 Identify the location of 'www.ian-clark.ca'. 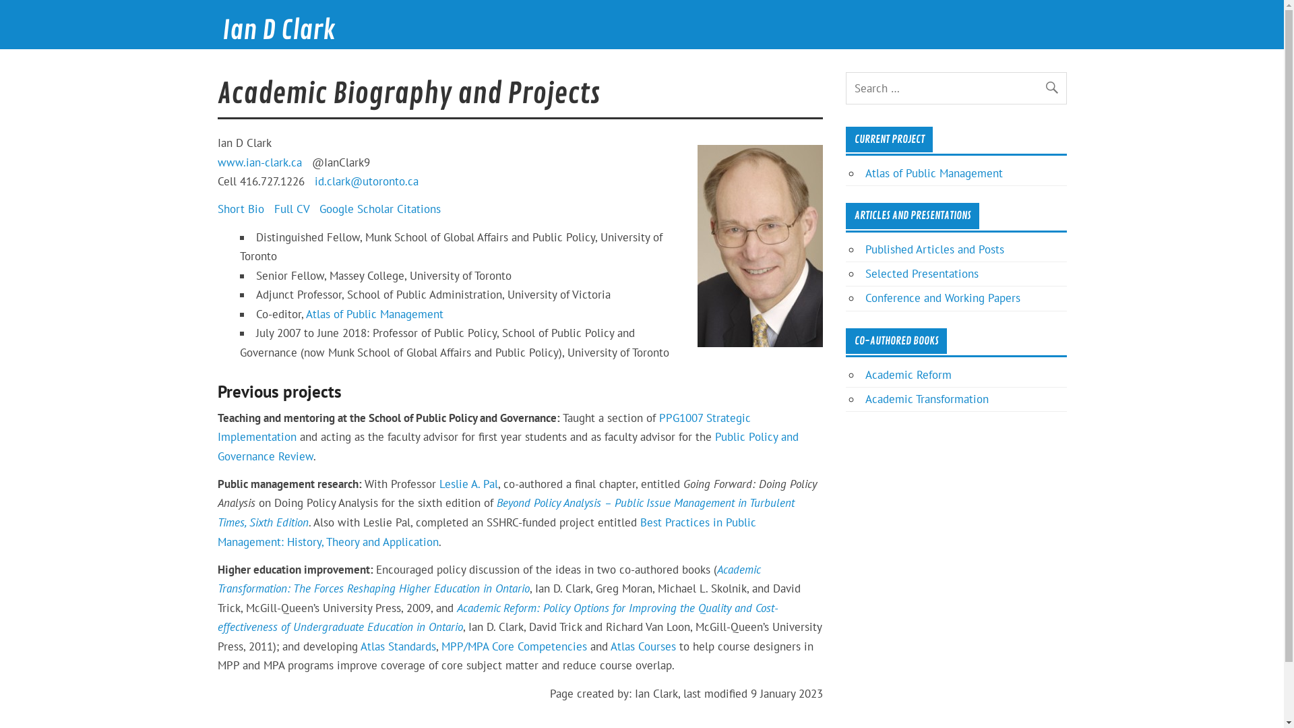
(259, 161).